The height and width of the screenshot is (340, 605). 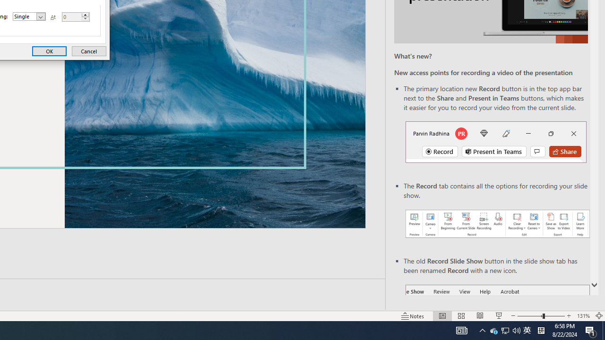 I want to click on 'Cancel', so click(x=89, y=51).